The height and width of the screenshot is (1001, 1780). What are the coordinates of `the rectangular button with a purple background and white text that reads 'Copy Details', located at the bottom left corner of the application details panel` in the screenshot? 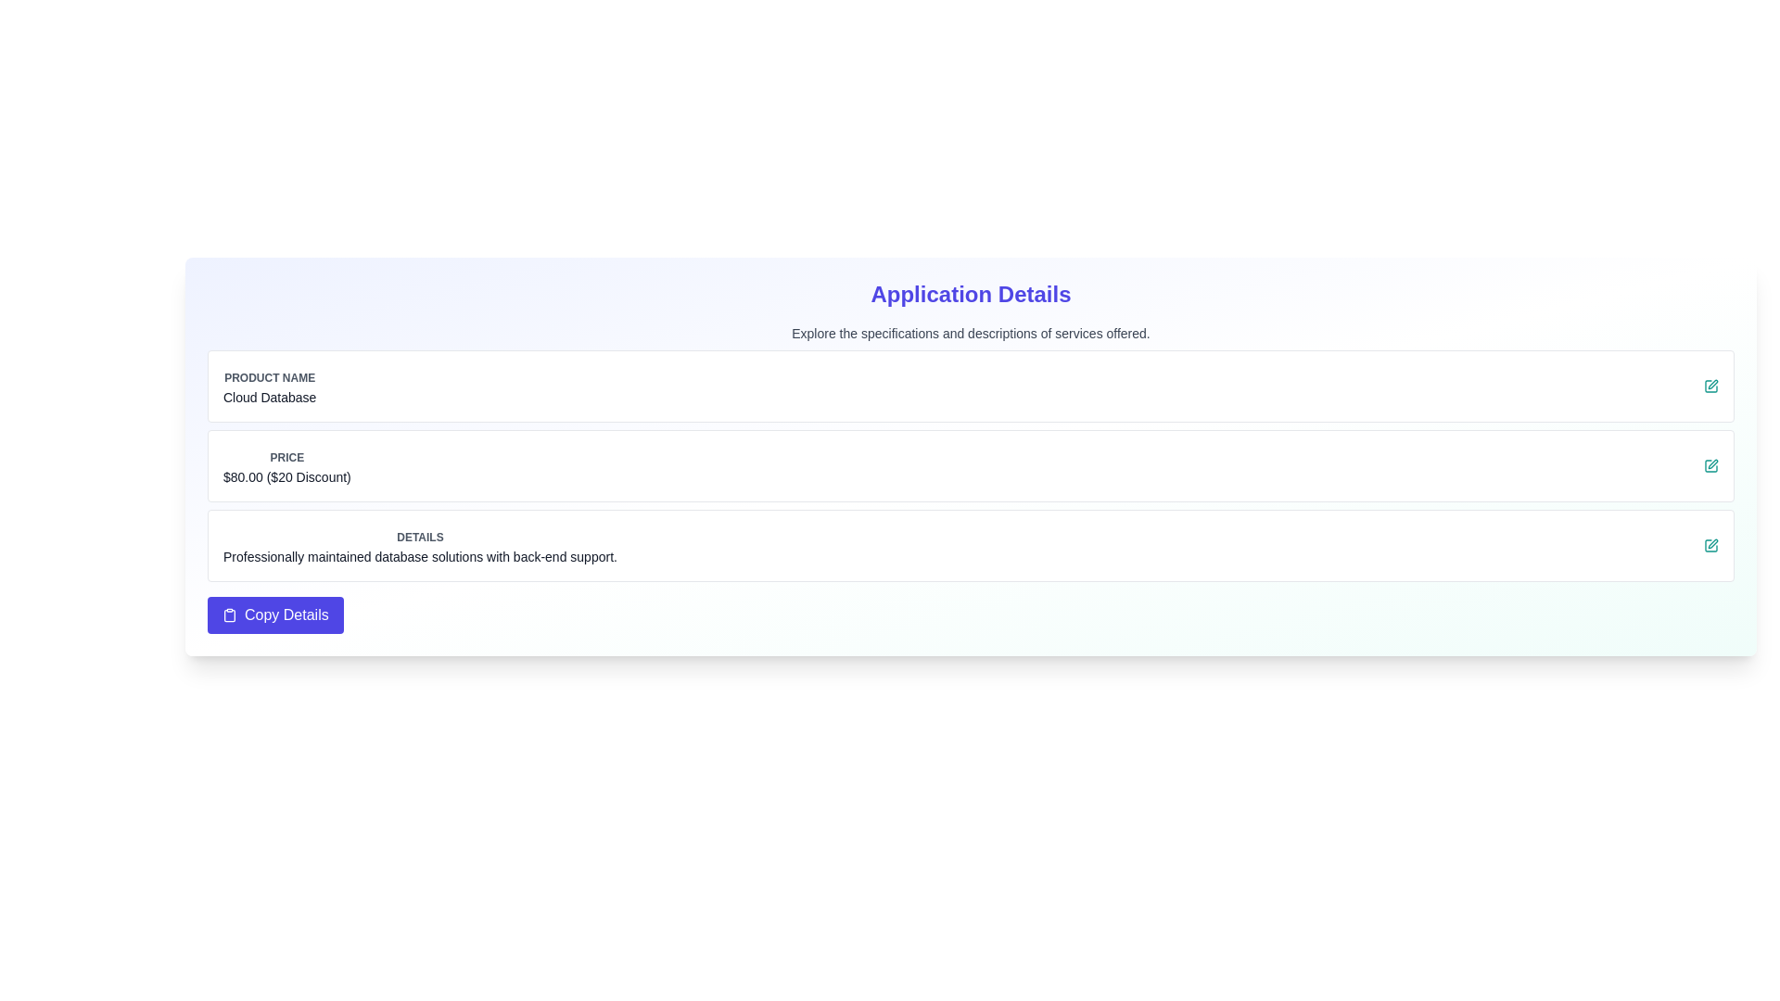 It's located at (274, 615).